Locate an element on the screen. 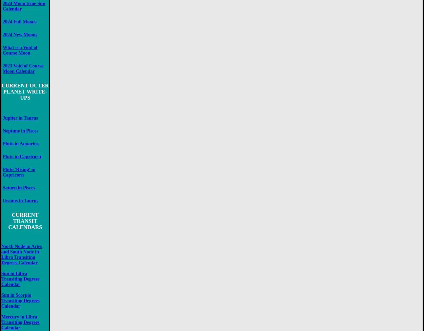 Image resolution: width=424 pixels, height=331 pixels. 'Uranus in Taurus' is located at coordinates (20, 200).